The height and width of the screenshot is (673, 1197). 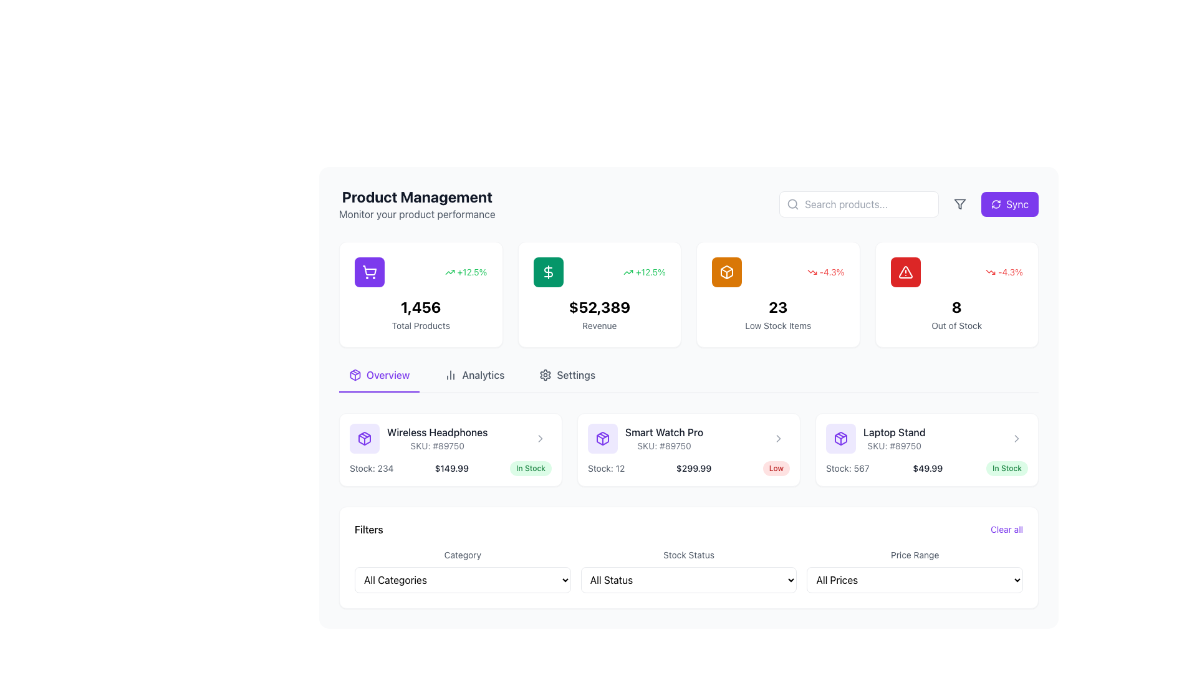 I want to click on stock value displayed as 'Stock: 567' in gray text, which is the first text element in the product card for 'Laptop Stand', so click(x=847, y=469).